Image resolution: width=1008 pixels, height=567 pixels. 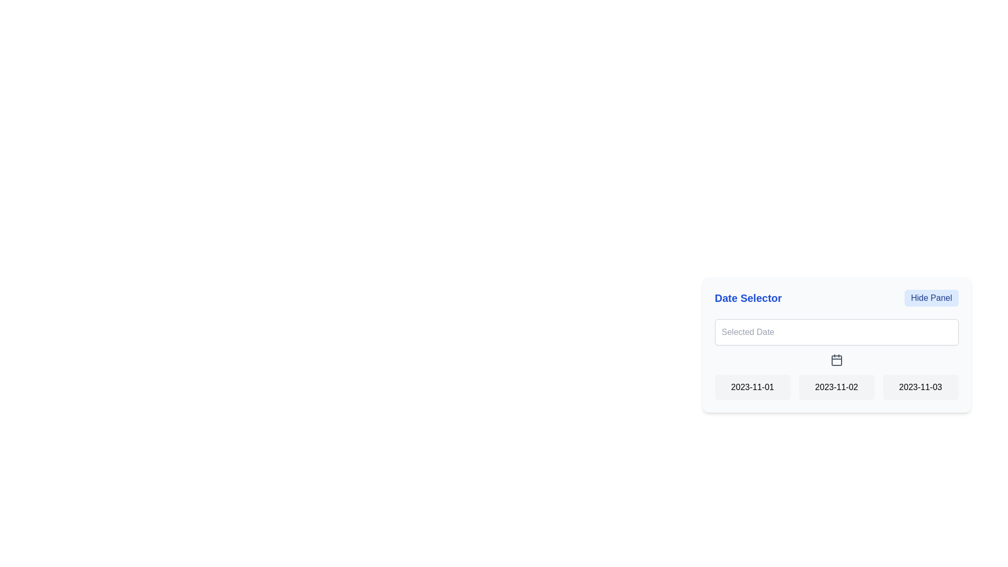 What do you see at coordinates (836, 360) in the screenshot?
I see `the illustrated calendar icon, which is centrally aligned below the 'Selected Date' input field` at bounding box center [836, 360].